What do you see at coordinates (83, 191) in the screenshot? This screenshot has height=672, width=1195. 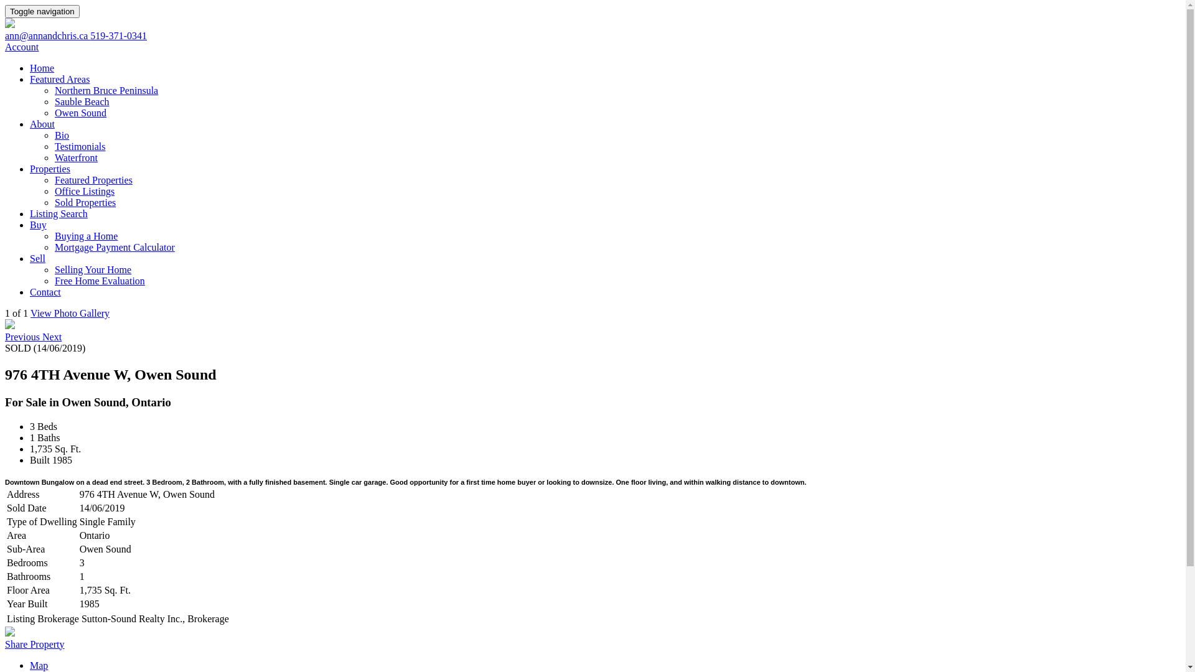 I see `'Office Listings'` at bounding box center [83, 191].